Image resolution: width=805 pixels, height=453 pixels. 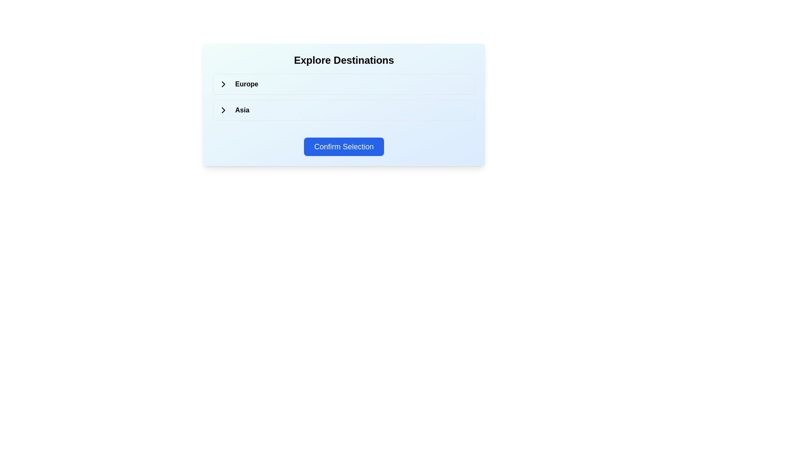 What do you see at coordinates (240, 109) in the screenshot?
I see `the text label 'Asia'` at bounding box center [240, 109].